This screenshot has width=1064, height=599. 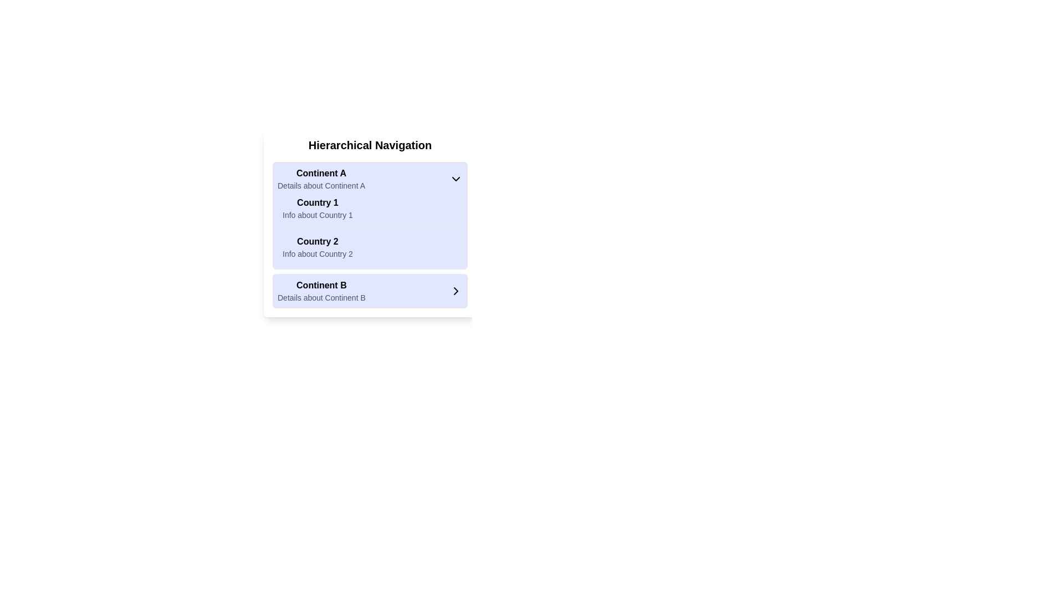 What do you see at coordinates (370, 208) in the screenshot?
I see `the first selectable card representing 'Country 1' in the 'Continent A' section` at bounding box center [370, 208].